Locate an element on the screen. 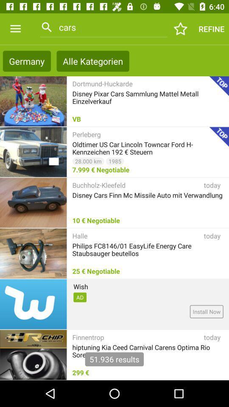 The image size is (229, 407). the refine is located at coordinates (211, 29).